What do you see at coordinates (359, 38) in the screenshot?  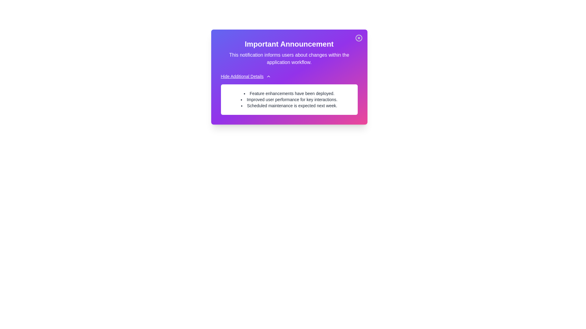 I see `the close button to dismiss the alert` at bounding box center [359, 38].